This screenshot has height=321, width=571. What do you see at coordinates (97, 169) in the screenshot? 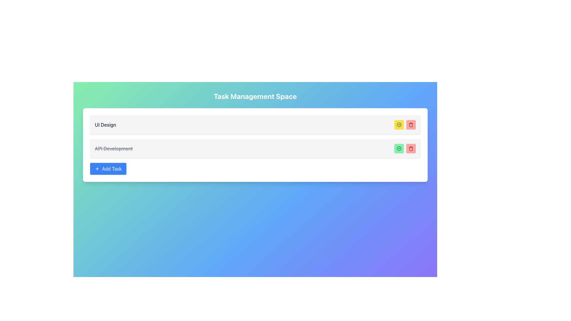
I see `the Icon located on the left side of the 'Add Task' button, adjacent to the label 'Add Task'` at bounding box center [97, 169].